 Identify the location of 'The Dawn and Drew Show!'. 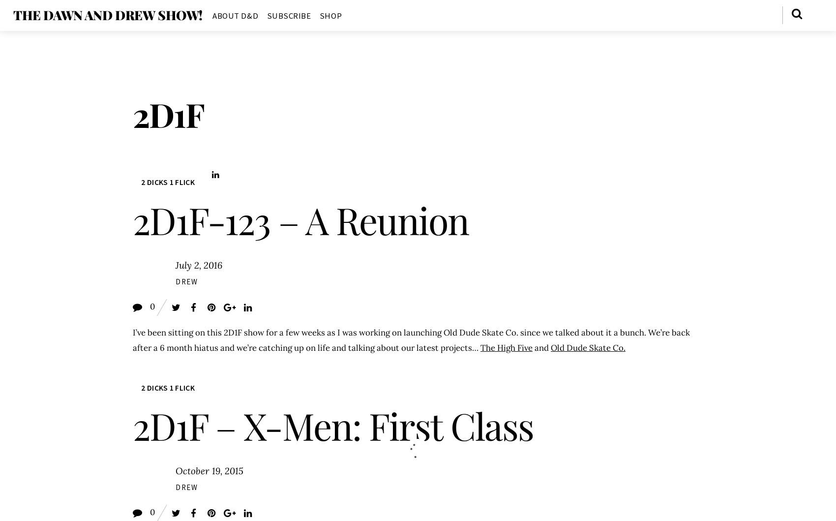
(108, 15).